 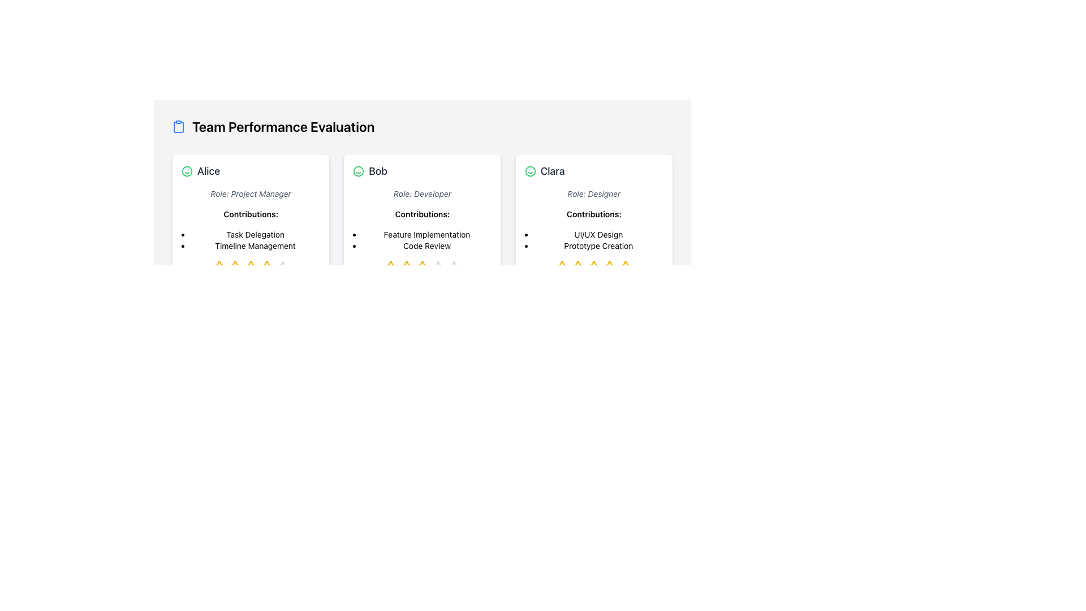 I want to click on the star ratings of the team member card located in the middle column of the grid layout to modify the rating, so click(x=422, y=230).